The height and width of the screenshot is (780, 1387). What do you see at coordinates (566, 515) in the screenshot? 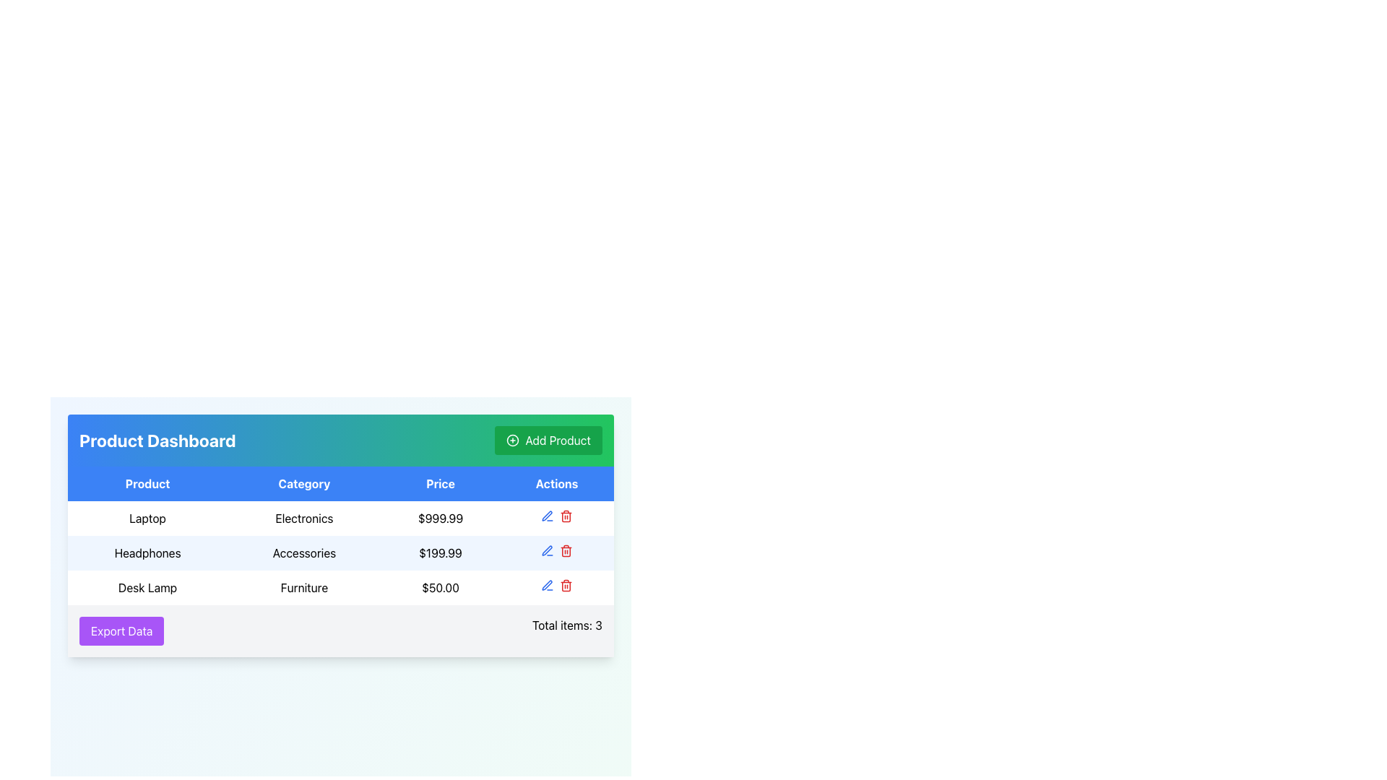
I see `the delete icon button located in the 'Actions' column of the second row of the product table under 'Product Dashboard'` at bounding box center [566, 515].